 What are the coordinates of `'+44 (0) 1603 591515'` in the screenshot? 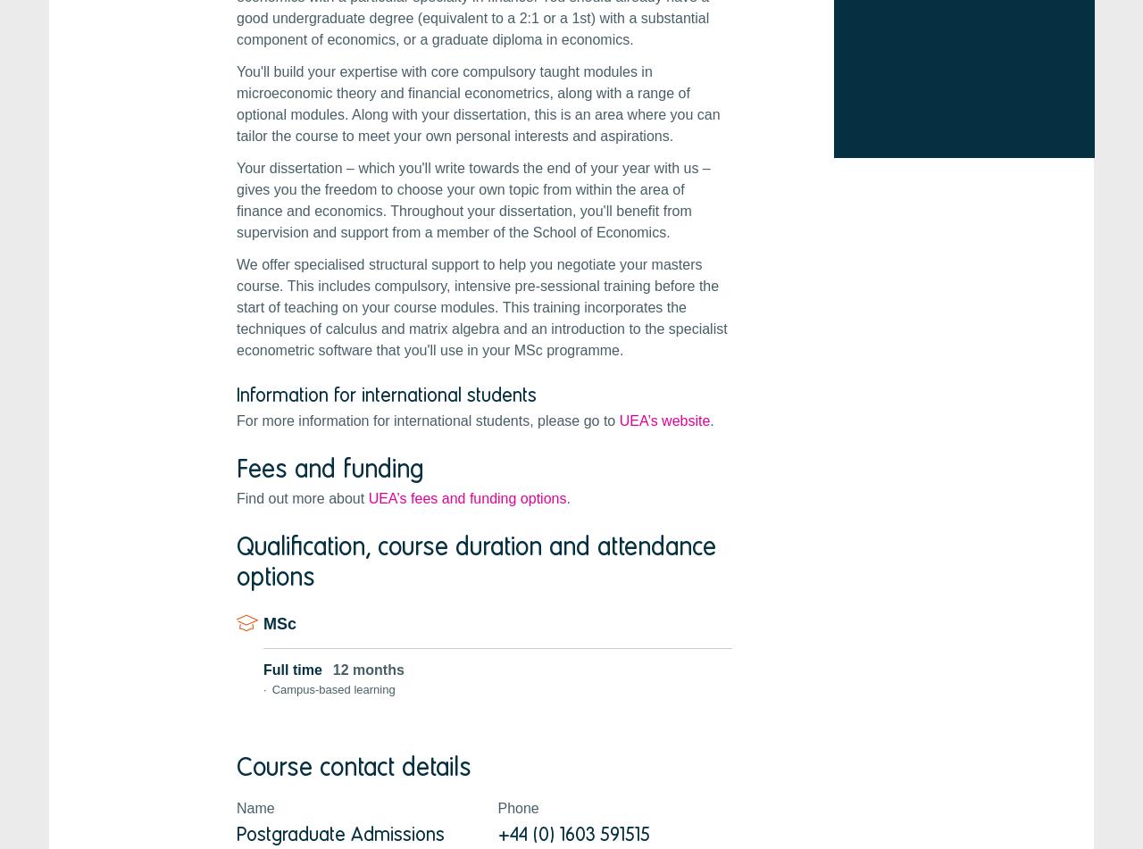 It's located at (573, 832).